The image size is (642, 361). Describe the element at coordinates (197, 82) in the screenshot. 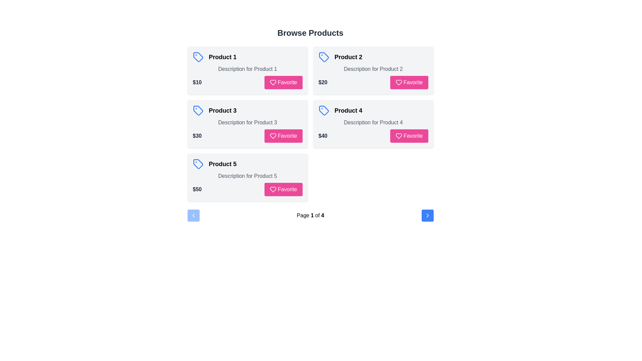

I see `the price label indicating the cost of 'Product 1', which is positioned to the left of the 'Favorite' button in the top-left card of the grid layout` at that location.